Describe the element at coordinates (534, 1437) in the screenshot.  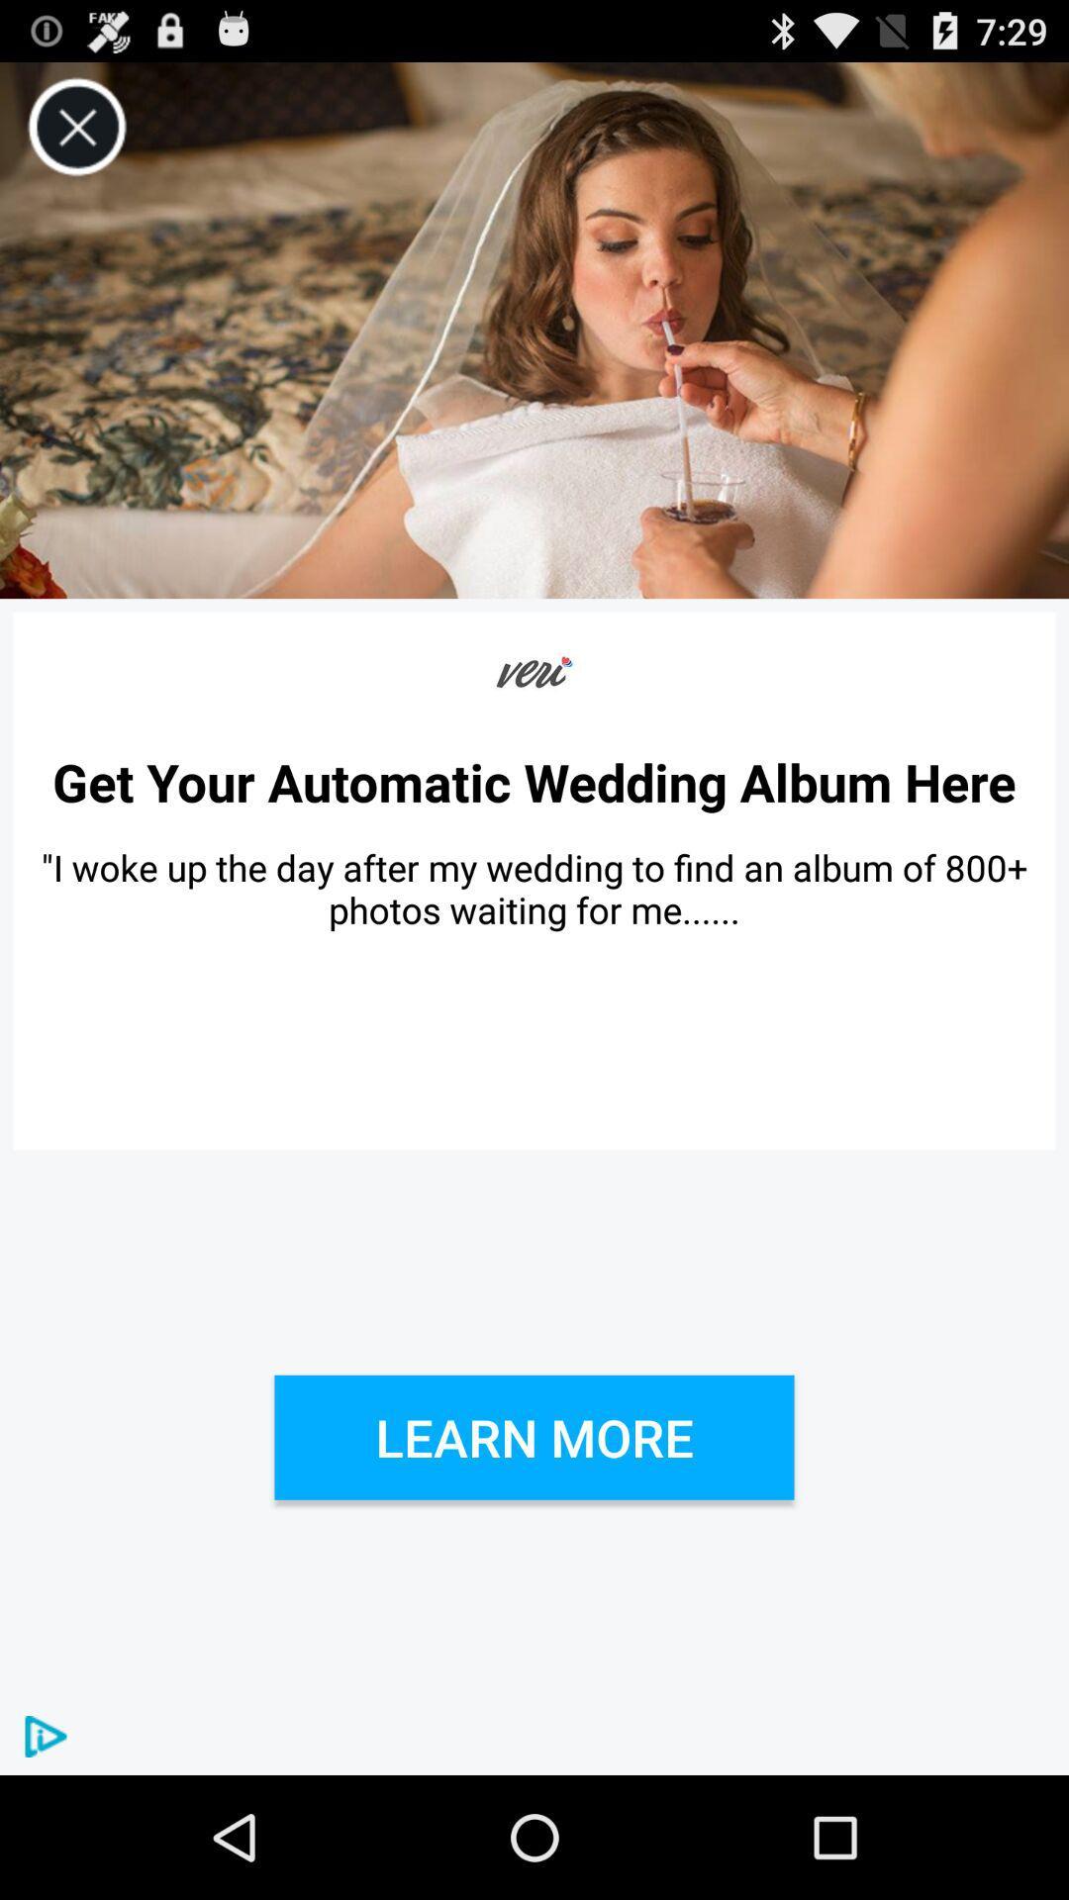
I see `learn more item` at that location.